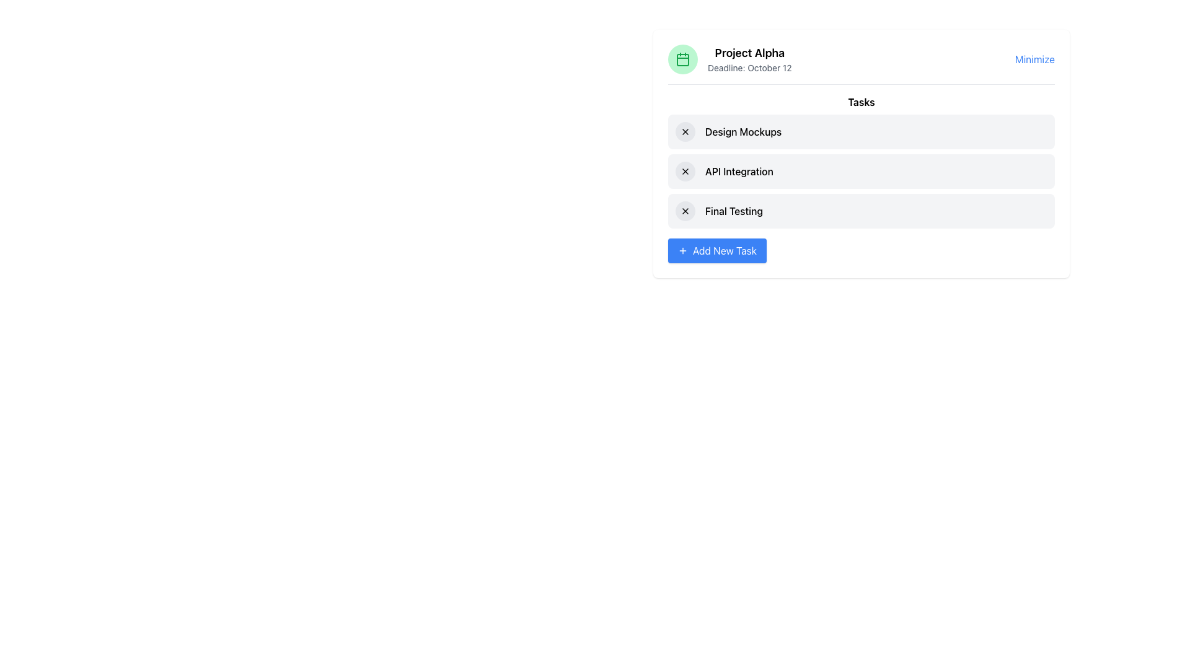  What do you see at coordinates (749, 68) in the screenshot?
I see `the text label displaying 'Deadline: October 12' which is located under the 'Project Alpha' heading in the project card` at bounding box center [749, 68].